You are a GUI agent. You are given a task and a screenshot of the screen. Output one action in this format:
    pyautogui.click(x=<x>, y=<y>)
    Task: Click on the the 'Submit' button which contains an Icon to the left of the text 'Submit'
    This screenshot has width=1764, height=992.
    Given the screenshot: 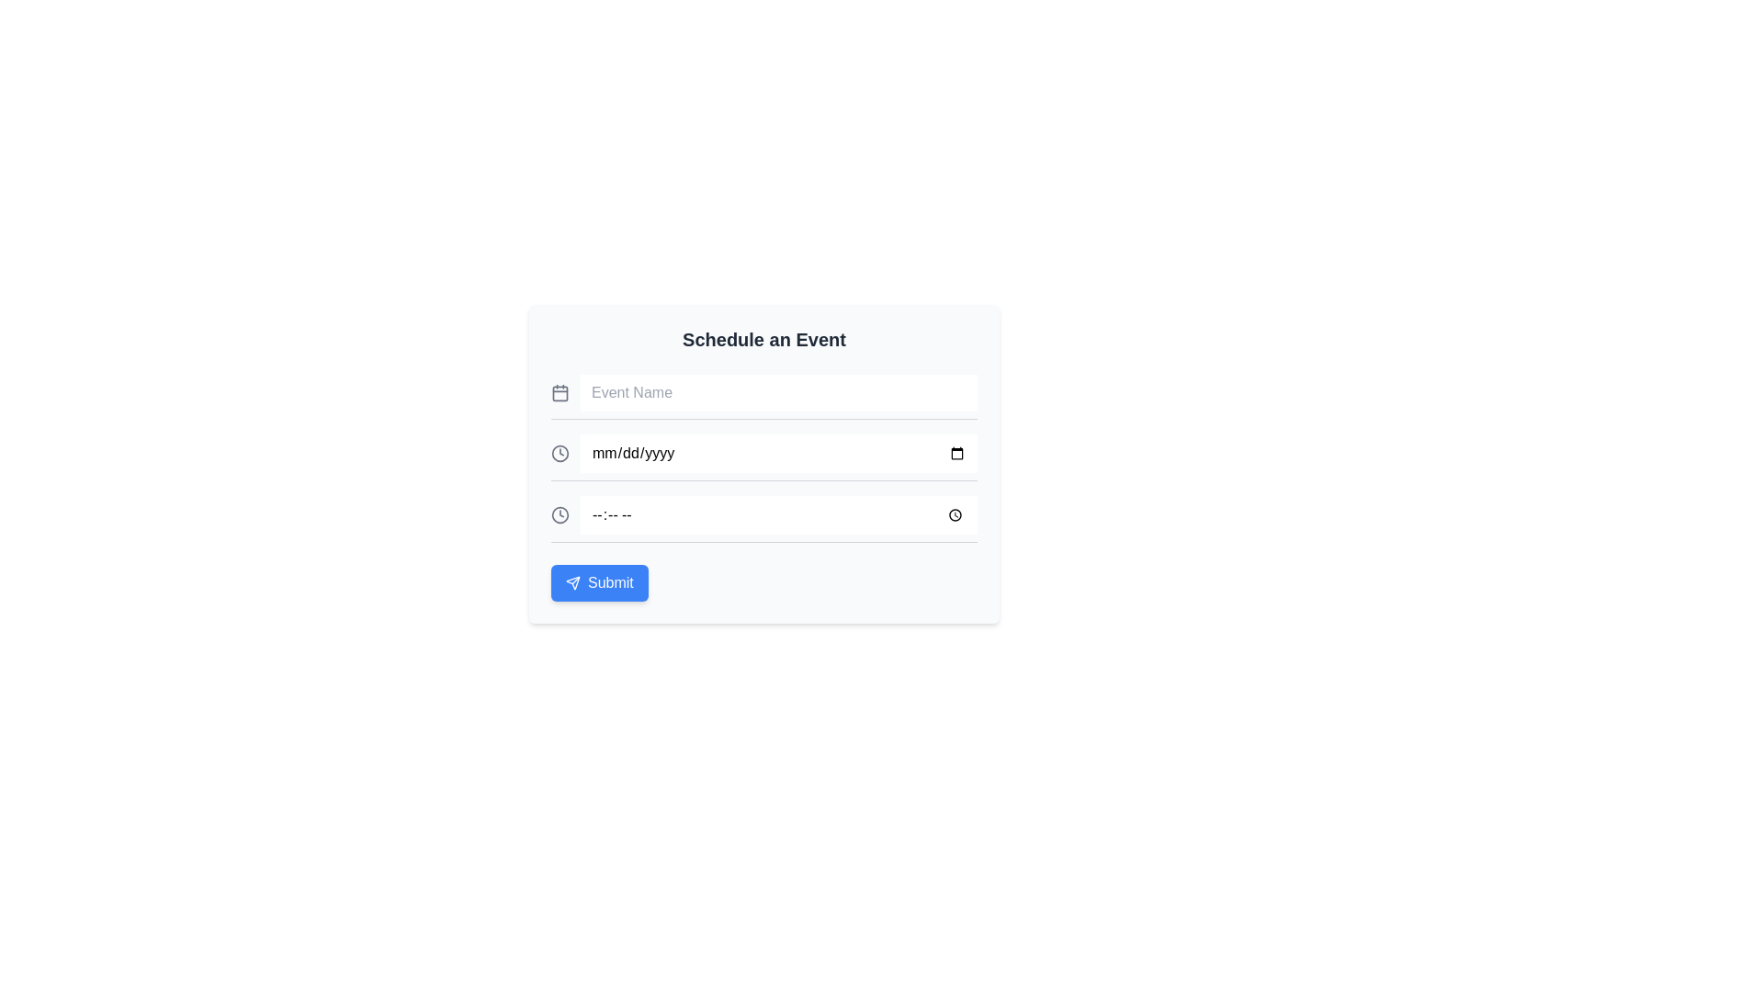 What is the action you would take?
    pyautogui.click(x=572, y=583)
    